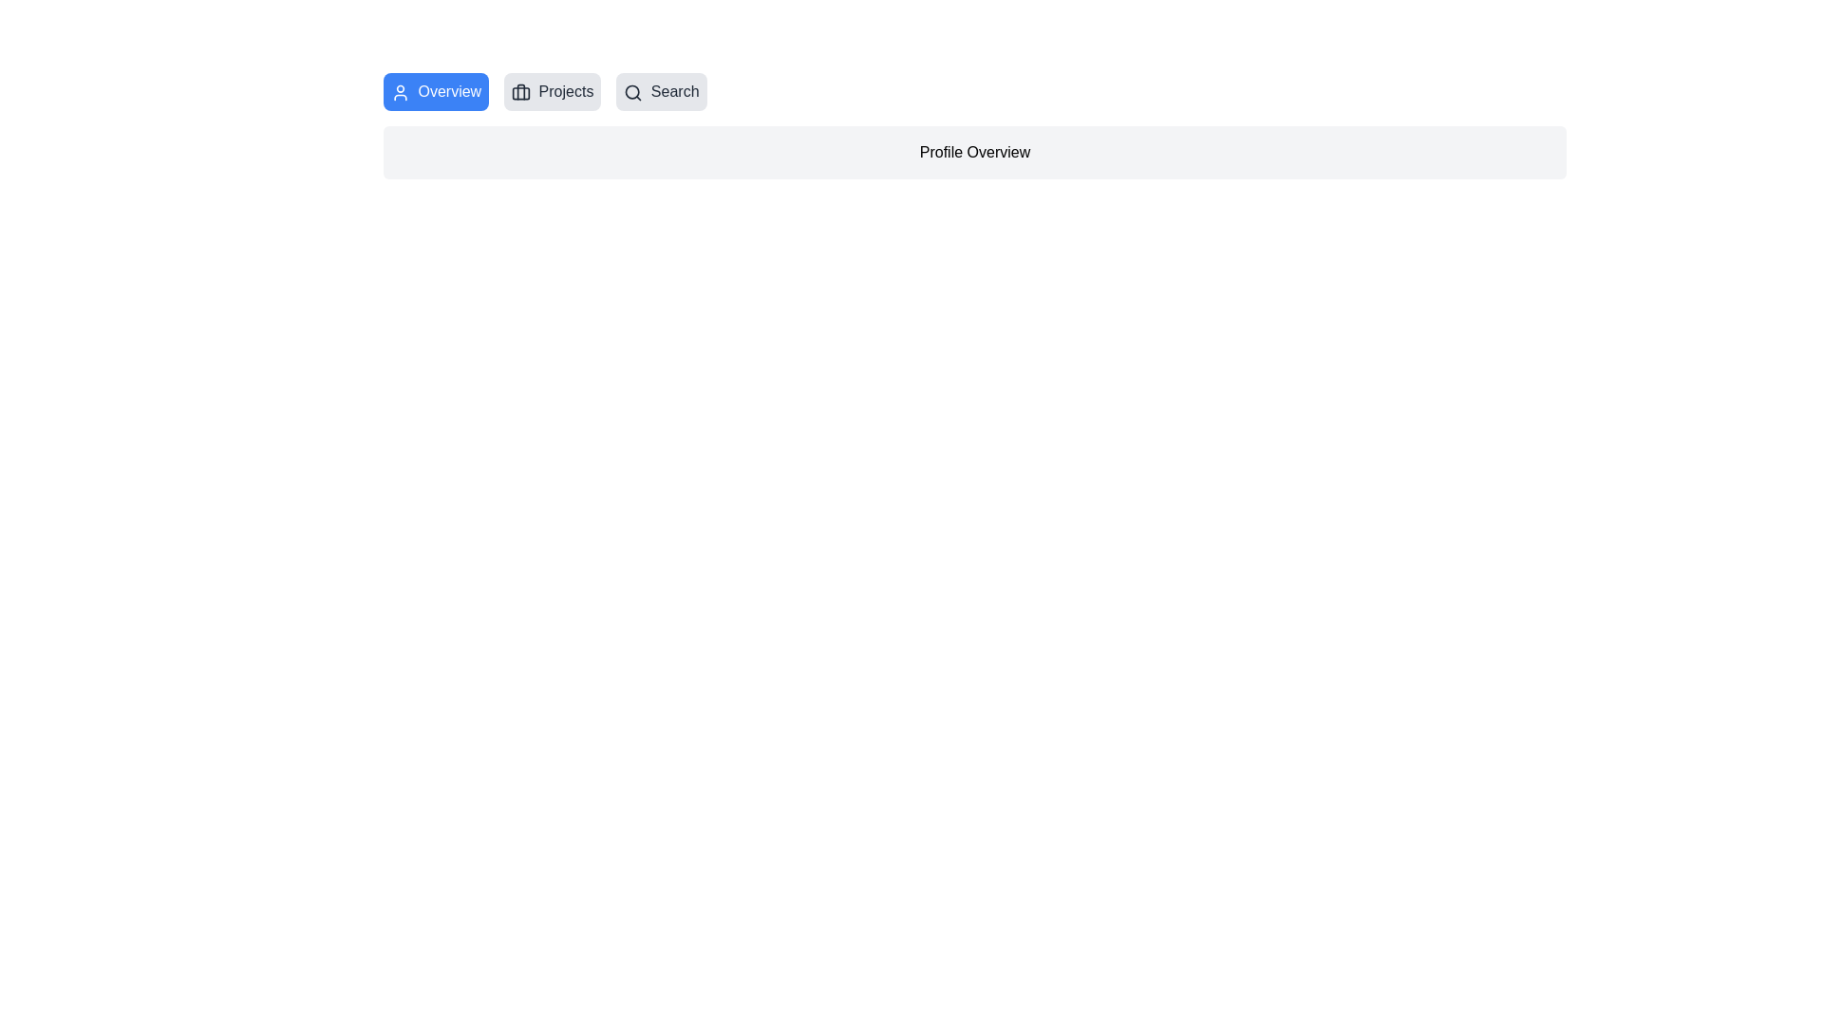 The height and width of the screenshot is (1025, 1823). Describe the element at coordinates (552, 91) in the screenshot. I see `the Projects tab by clicking on its corresponding button` at that location.